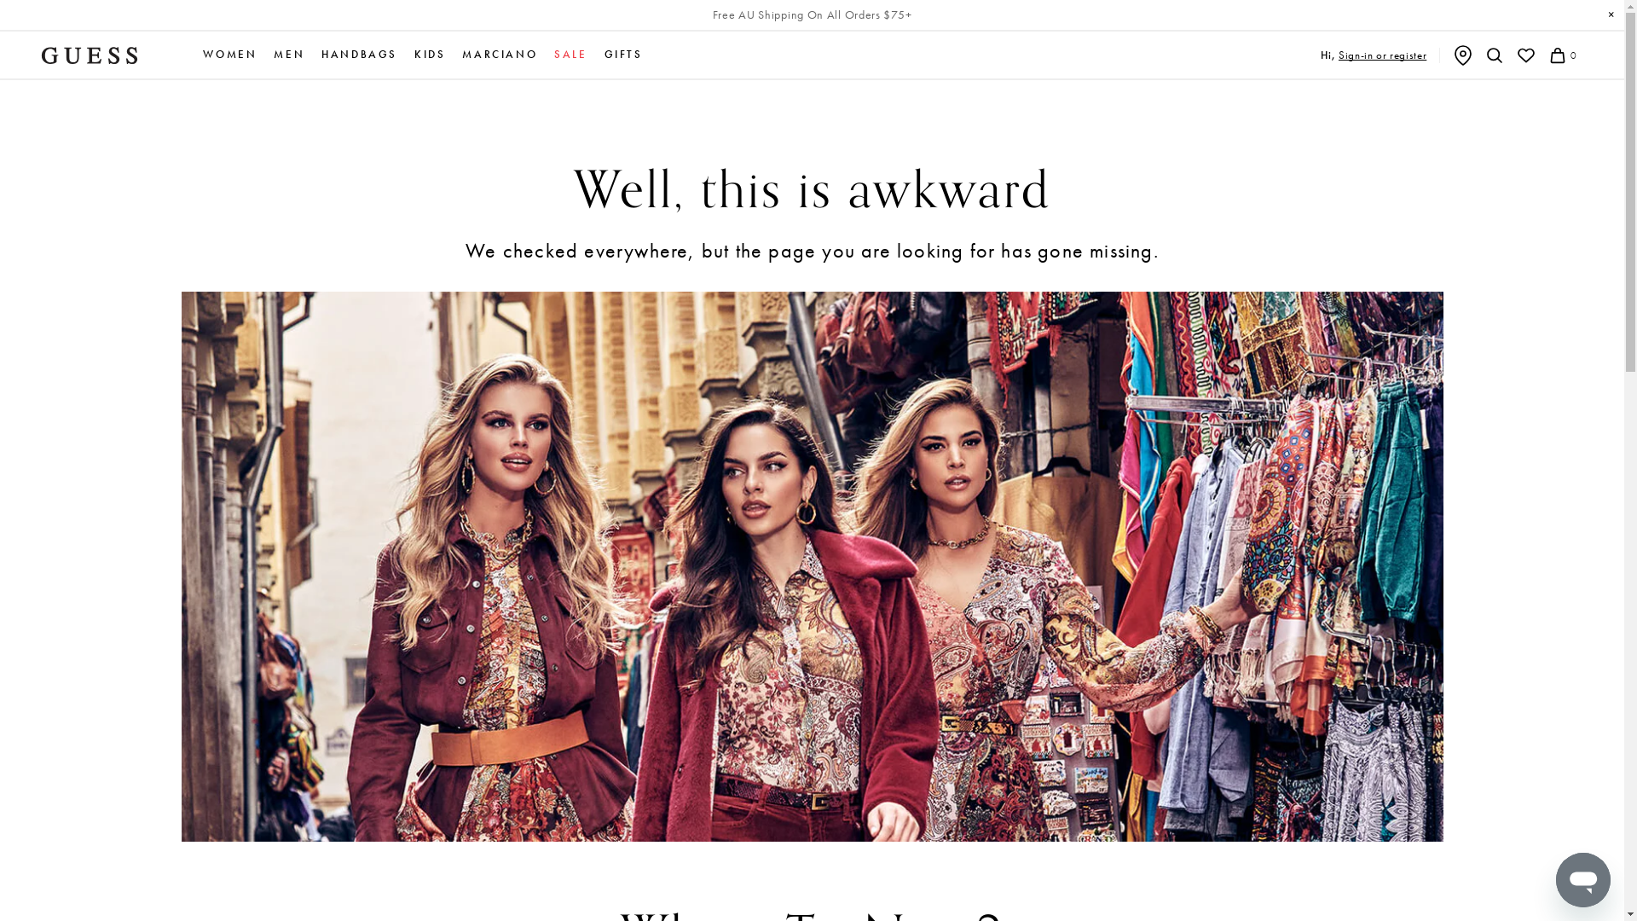  I want to click on 'HANDBAGS', so click(358, 54).